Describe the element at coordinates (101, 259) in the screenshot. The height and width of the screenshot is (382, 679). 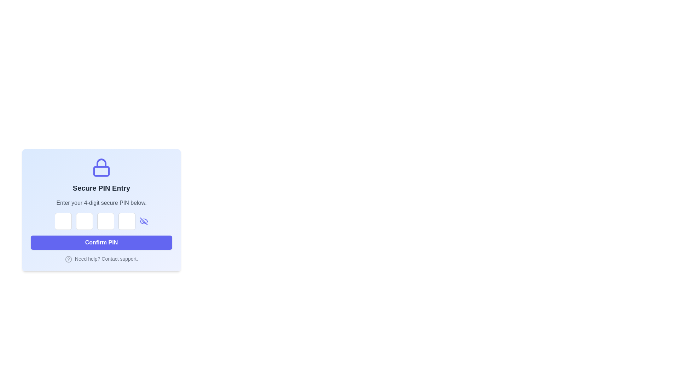
I see `the small circular help icon located to the left of the text 'Need help? Contact support.'` at that location.